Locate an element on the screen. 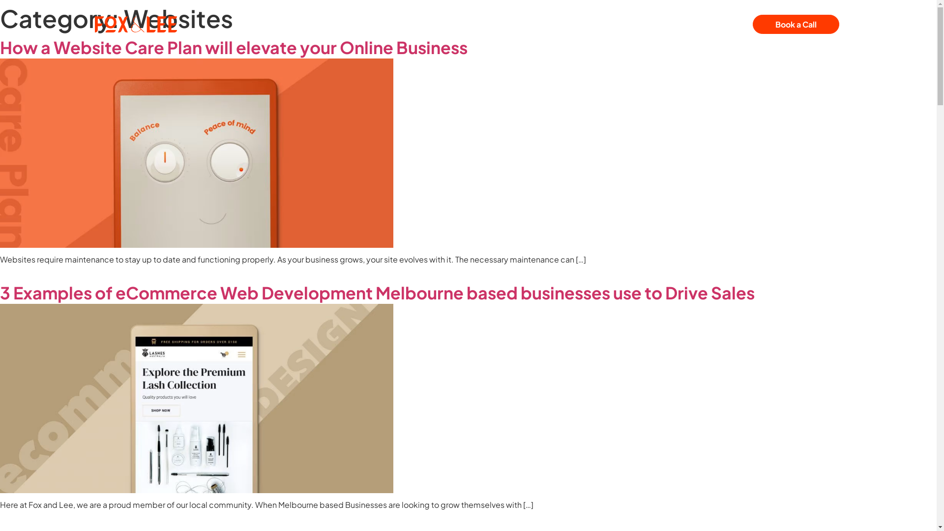  'Our Services' is located at coordinates (318, 24).